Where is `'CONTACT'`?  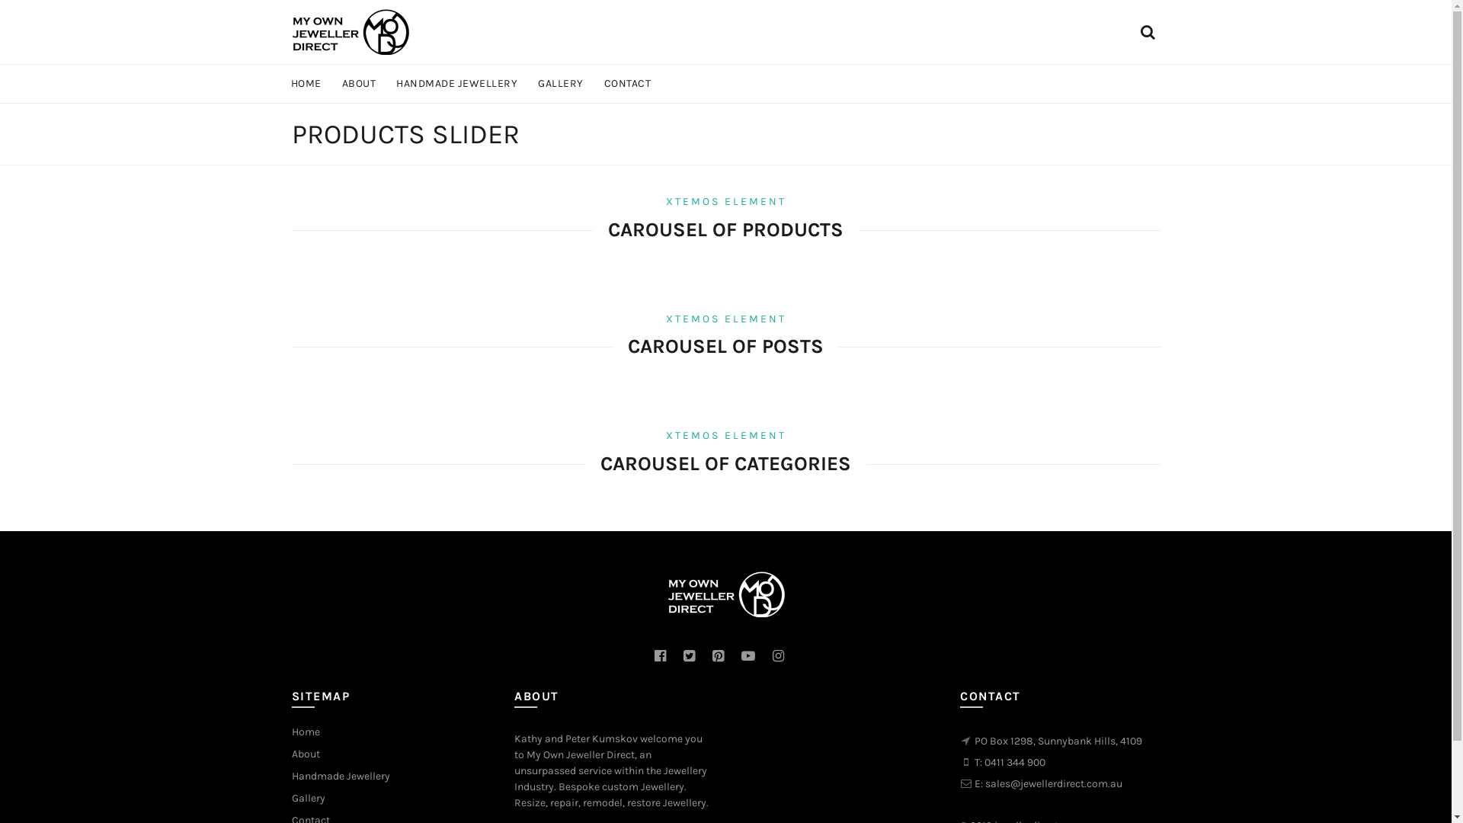
'CONTACT' is located at coordinates (628, 84).